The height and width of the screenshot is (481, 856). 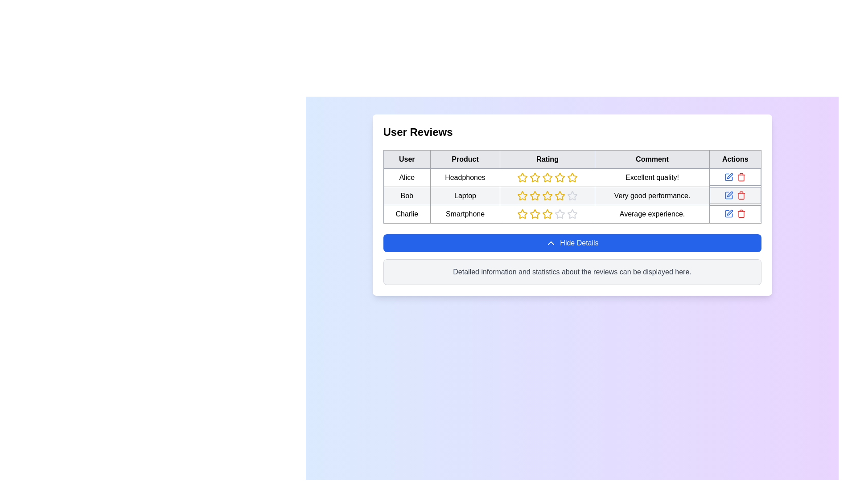 I want to click on the fourth star icon in the 'Rating' column of the second row corresponding to 'Bob' and 'Laptop', so click(x=560, y=195).